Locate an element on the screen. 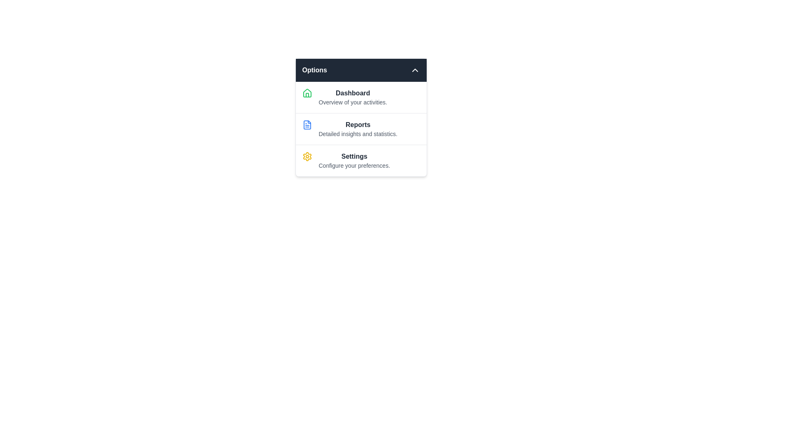 Image resolution: width=790 pixels, height=444 pixels. the 'Reports' section of the Navigation Panel is located at coordinates (361, 117).